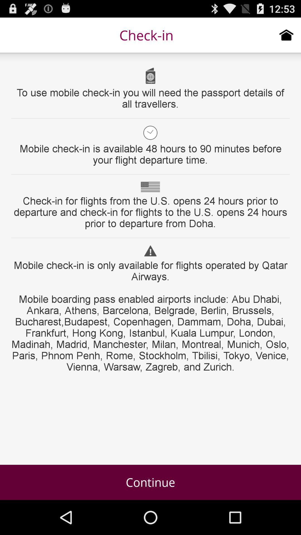  Describe the element at coordinates (151, 482) in the screenshot. I see `continue icon` at that location.